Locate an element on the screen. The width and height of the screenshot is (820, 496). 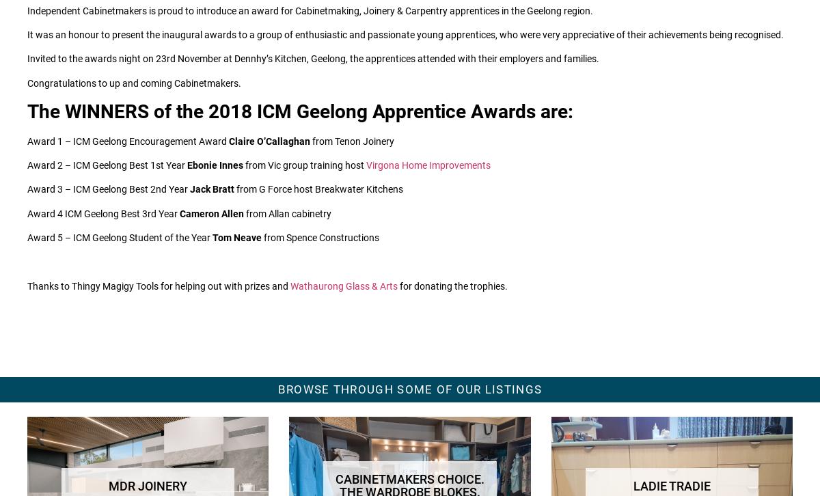
'Thanks to Thingy Magigy Tools for helping out with prizes and' is located at coordinates (27, 286).